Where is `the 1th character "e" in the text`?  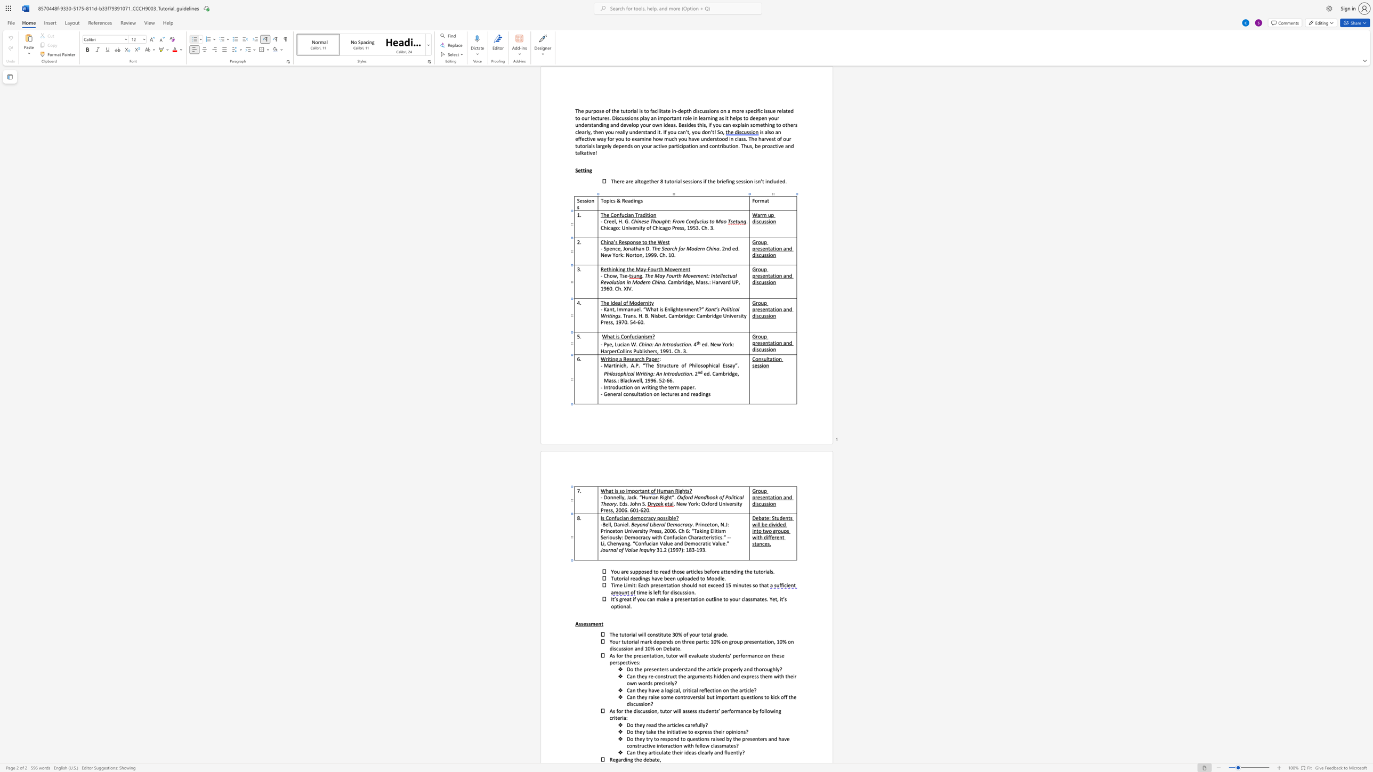
the 1th character "e" in the text is located at coordinates (640, 759).